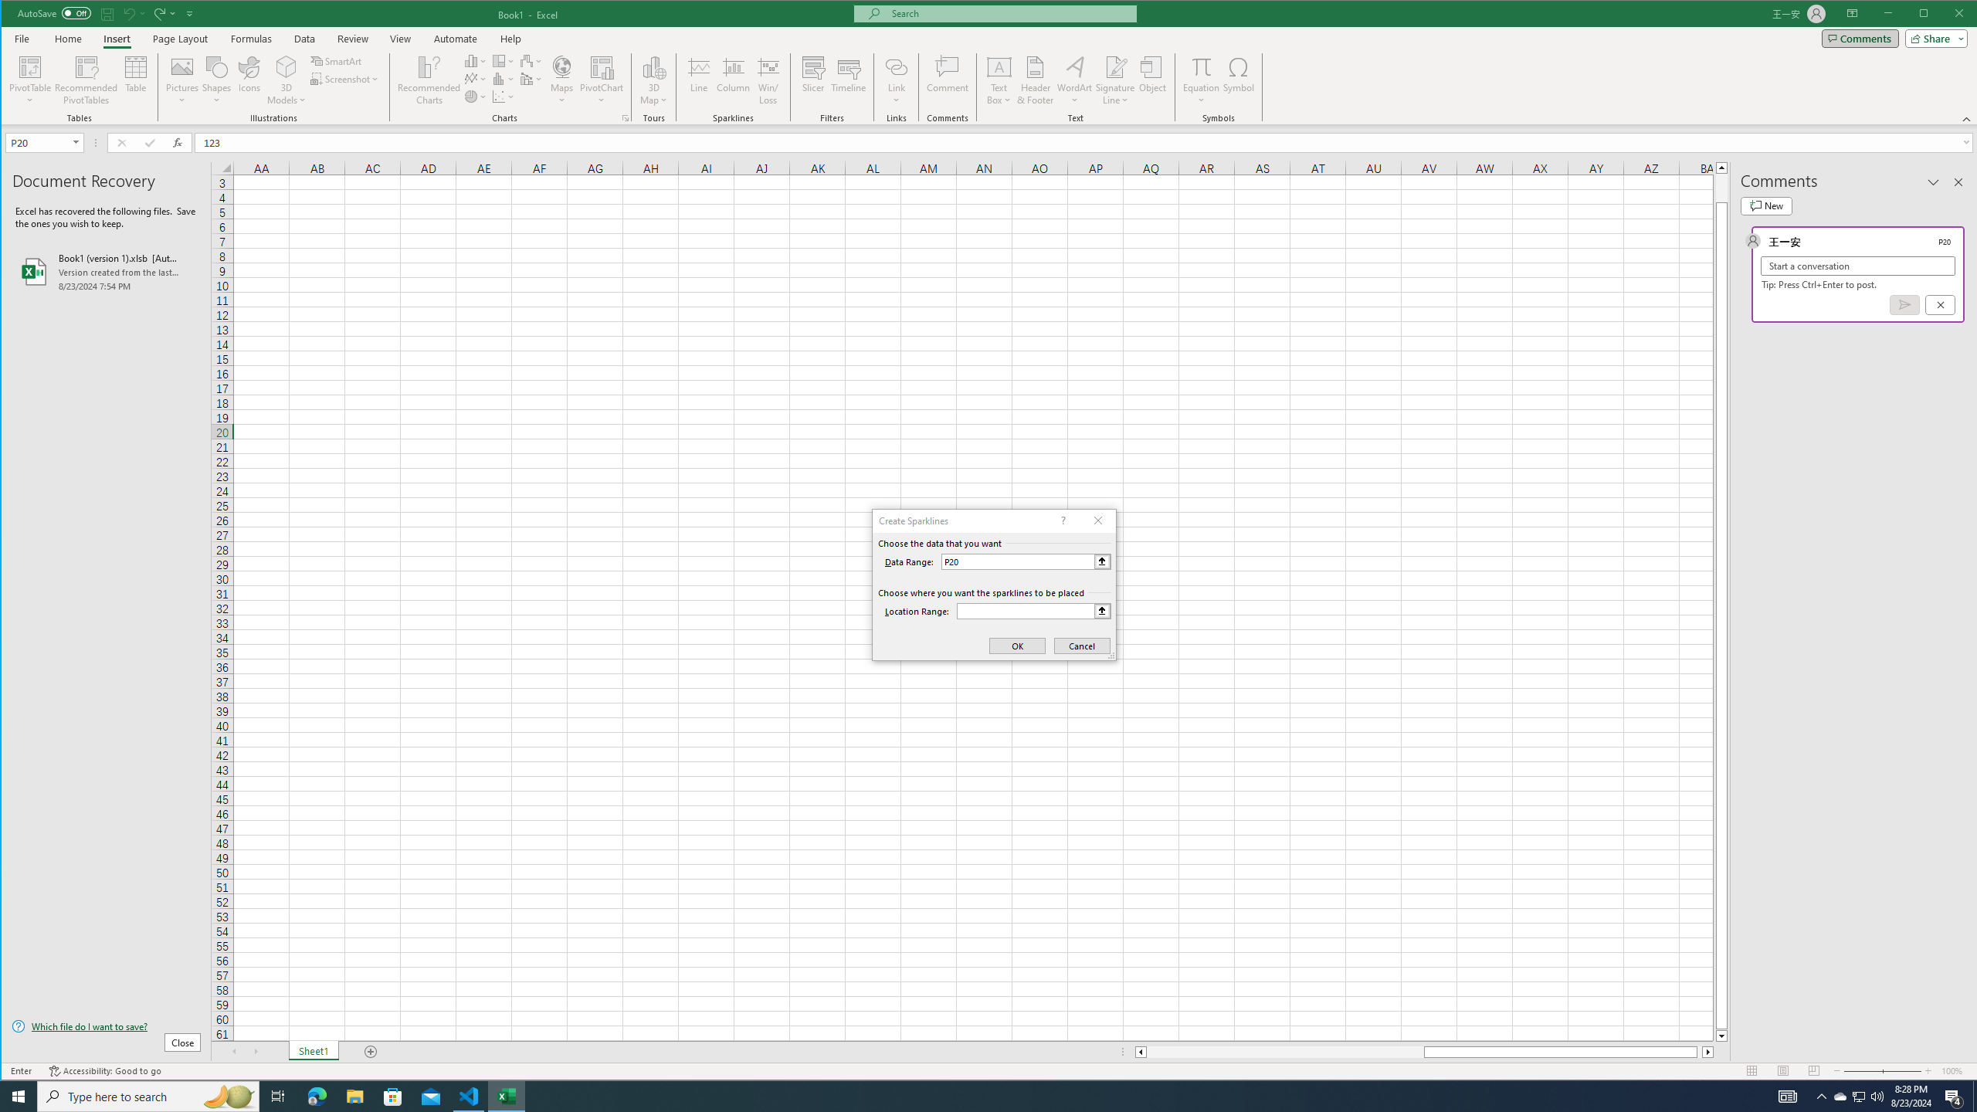 This screenshot has width=1977, height=1112. I want to click on 'Equation', so click(1202, 80).